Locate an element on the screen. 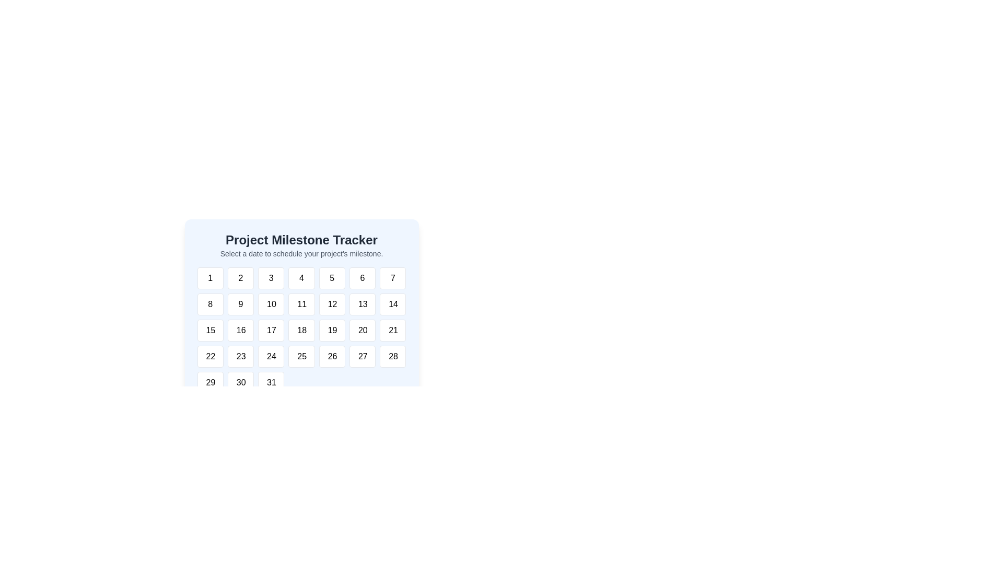 The width and height of the screenshot is (1003, 564). the button labeled '18' which is styled as a square with rounded corners, located in the grid beneath the 'Project Milestone Tracker' heading is located at coordinates (301, 330).